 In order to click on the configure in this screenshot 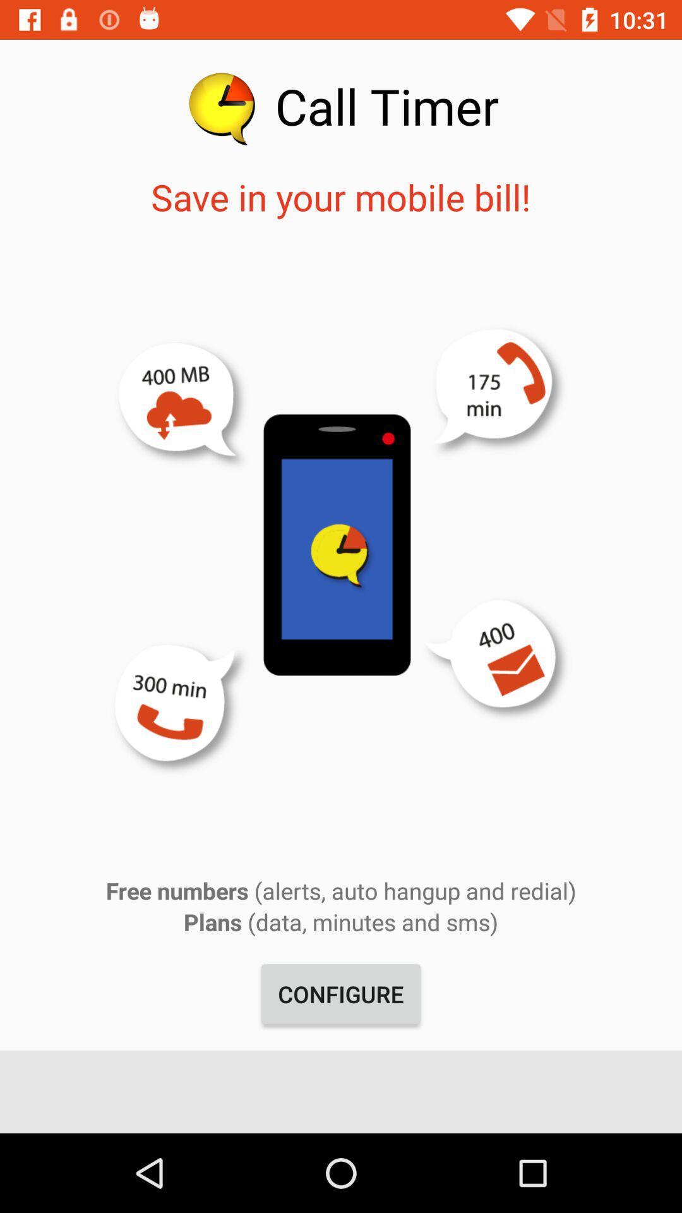, I will do `click(341, 993)`.